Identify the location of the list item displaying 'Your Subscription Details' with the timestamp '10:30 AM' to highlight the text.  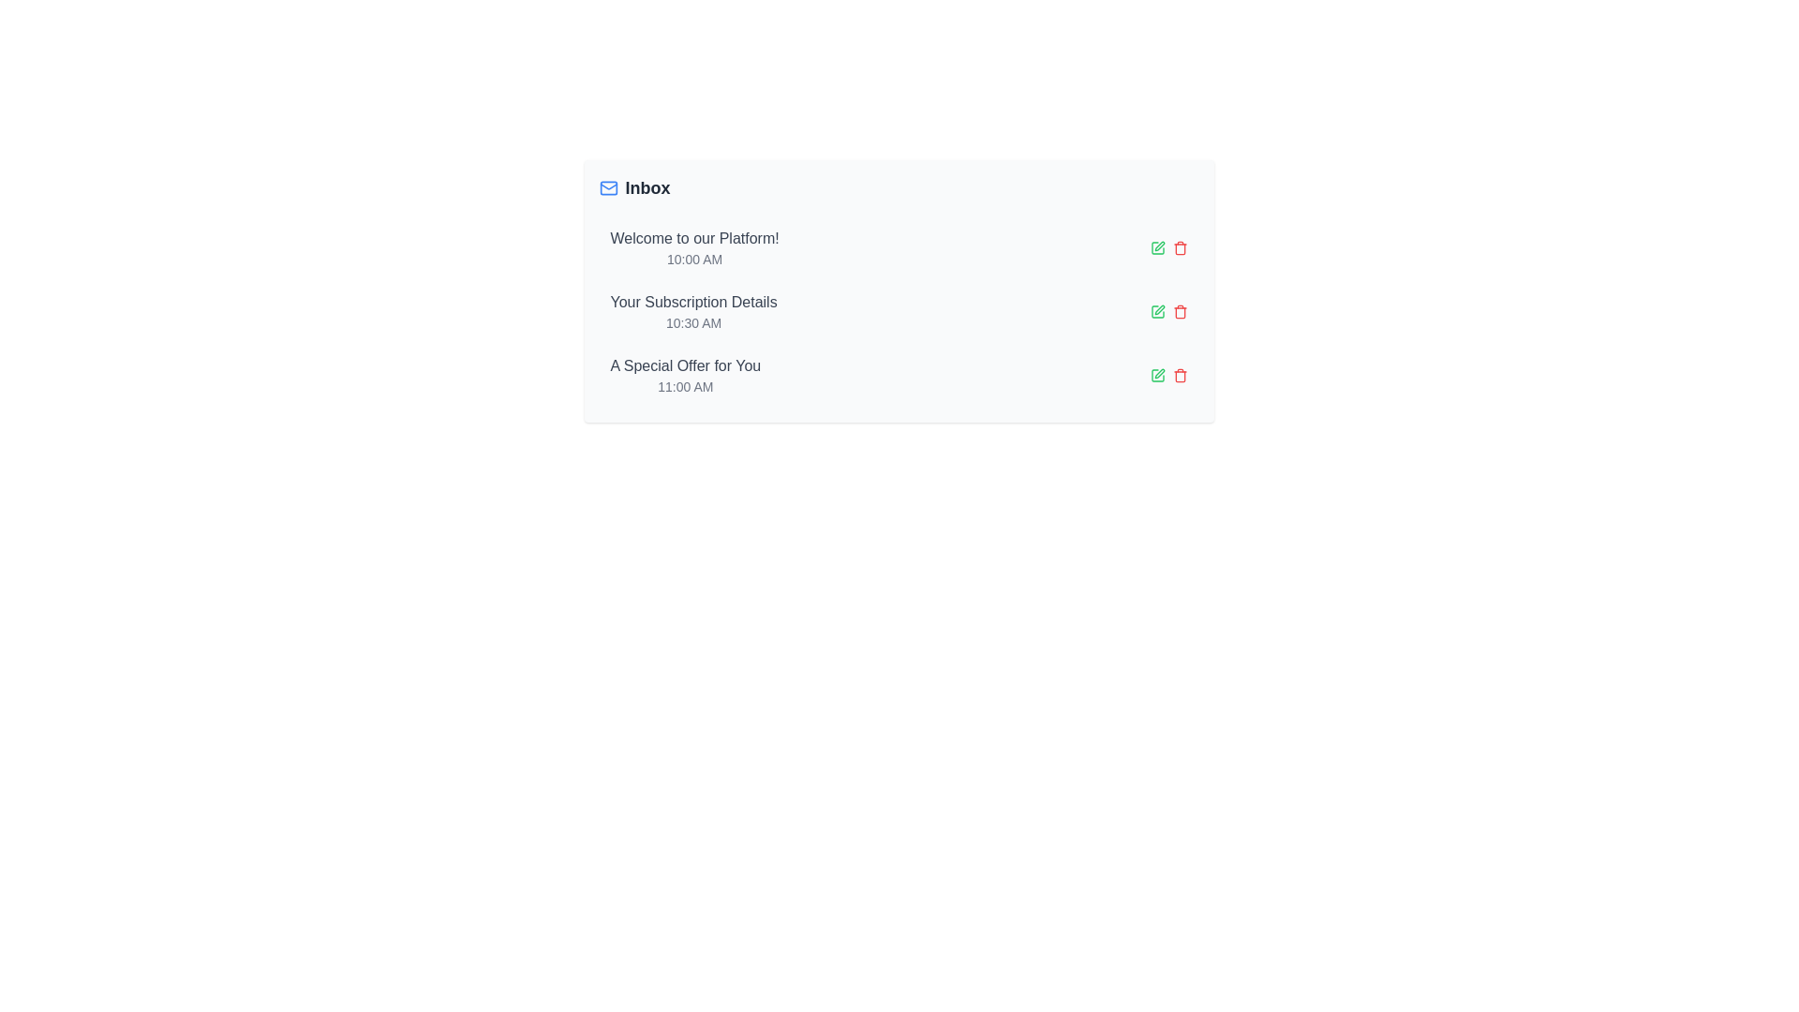
(692, 310).